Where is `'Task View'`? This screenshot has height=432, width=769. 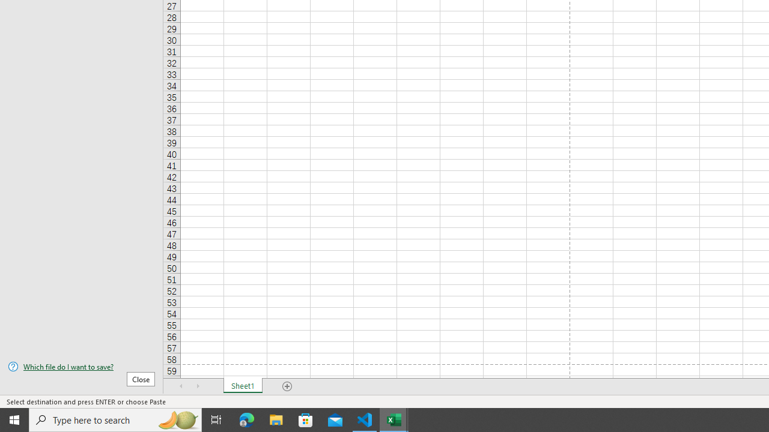
'Task View' is located at coordinates (216, 419).